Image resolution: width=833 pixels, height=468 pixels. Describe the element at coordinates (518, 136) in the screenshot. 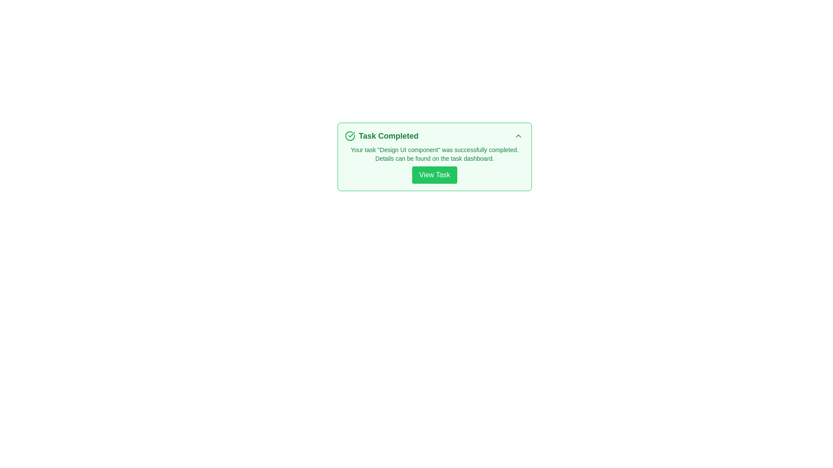

I see `the green chevron icon` at that location.